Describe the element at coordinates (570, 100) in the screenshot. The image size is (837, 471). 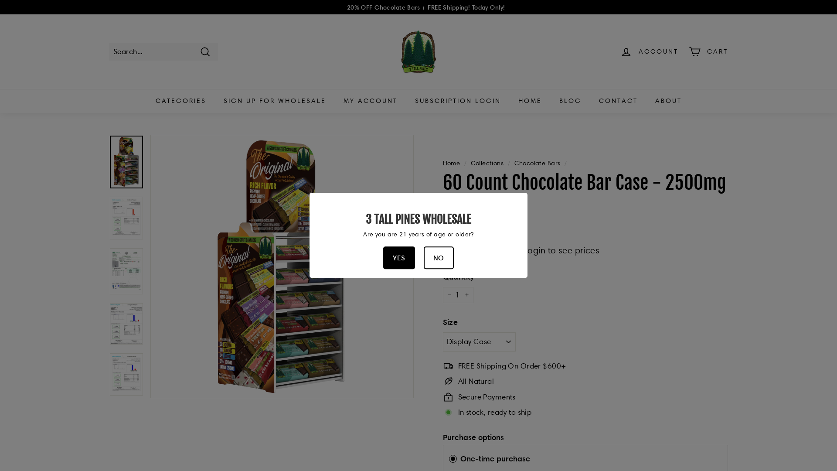
I see `'BLOG'` at that location.